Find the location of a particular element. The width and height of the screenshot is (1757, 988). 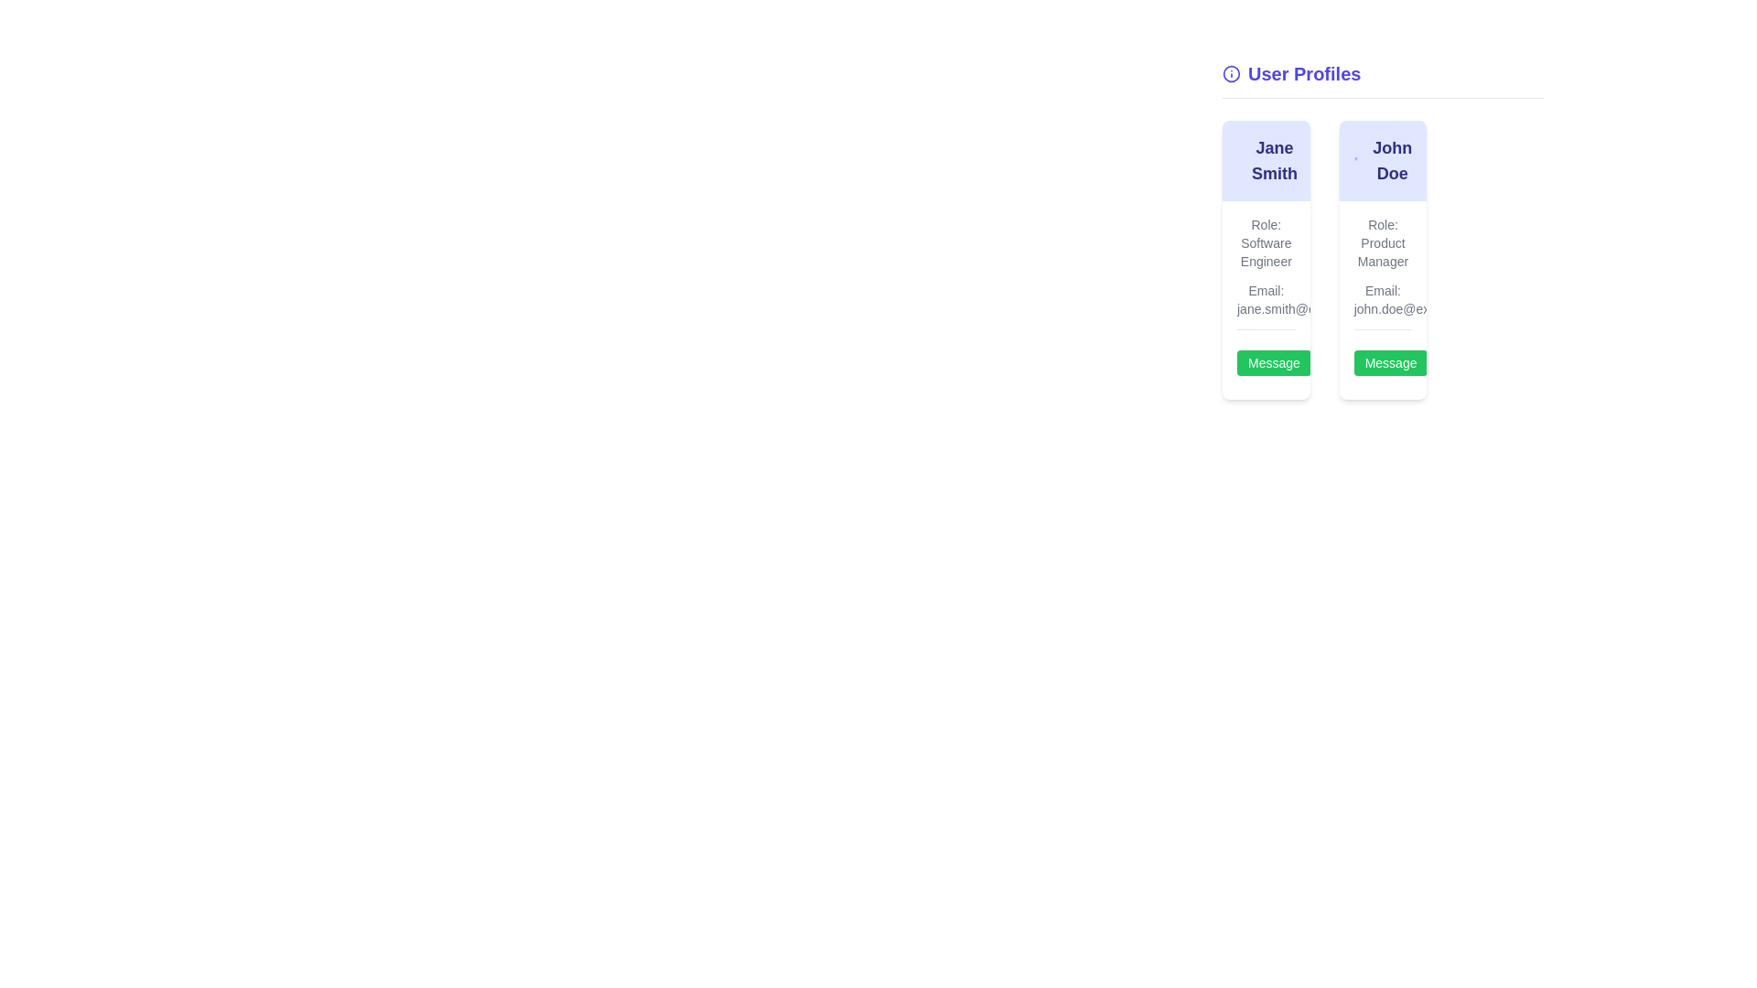

the 'Message' button for user 'John Doe', located at the bottom section of their user card on the right-hand side of the interface is located at coordinates (1391, 363).